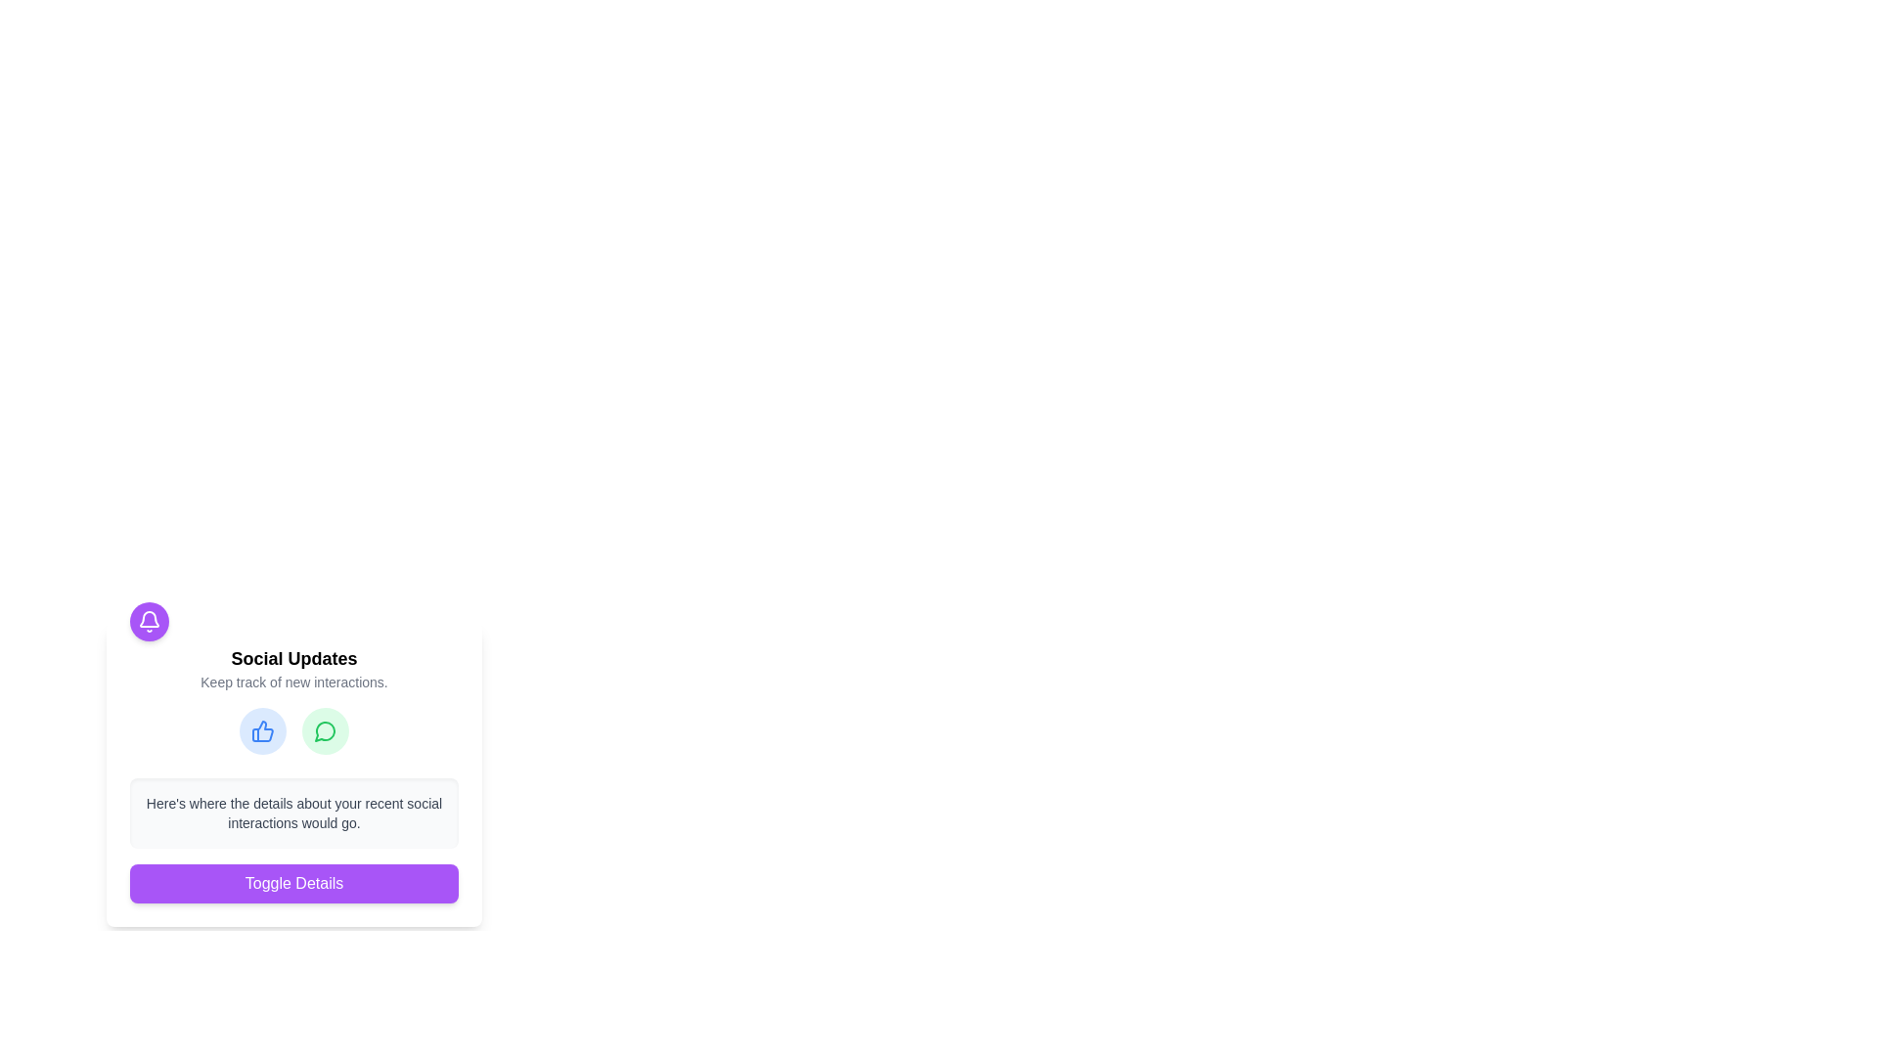 The width and height of the screenshot is (1878, 1056). Describe the element at coordinates (261, 731) in the screenshot. I see `the thumbs-up icon button, which is the first of two similar circular elements arranged horizontally, to like something` at that location.